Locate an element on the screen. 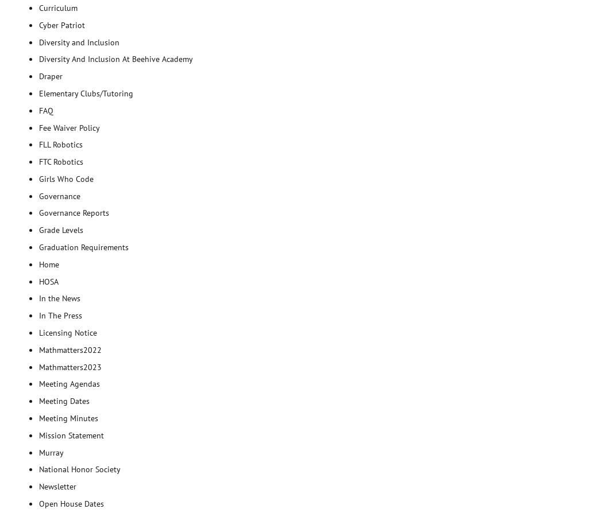 The height and width of the screenshot is (517, 603). 'Governance Reports' is located at coordinates (74, 212).